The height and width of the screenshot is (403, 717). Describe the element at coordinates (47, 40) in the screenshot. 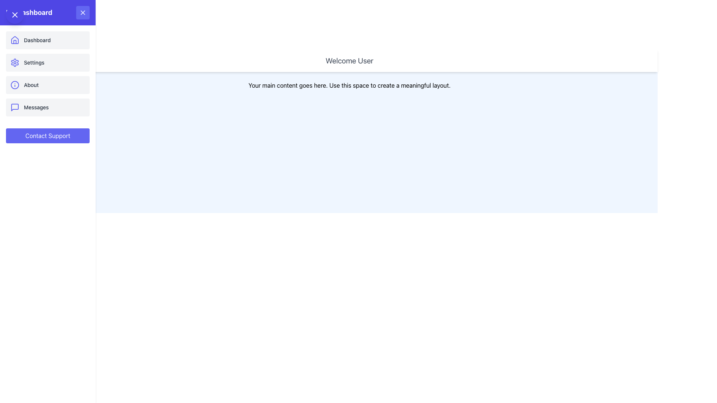

I see `the 'Dashboard' button, which is the first item in the vertical list on the left sidebar, featuring a house icon and a light gray background` at that location.